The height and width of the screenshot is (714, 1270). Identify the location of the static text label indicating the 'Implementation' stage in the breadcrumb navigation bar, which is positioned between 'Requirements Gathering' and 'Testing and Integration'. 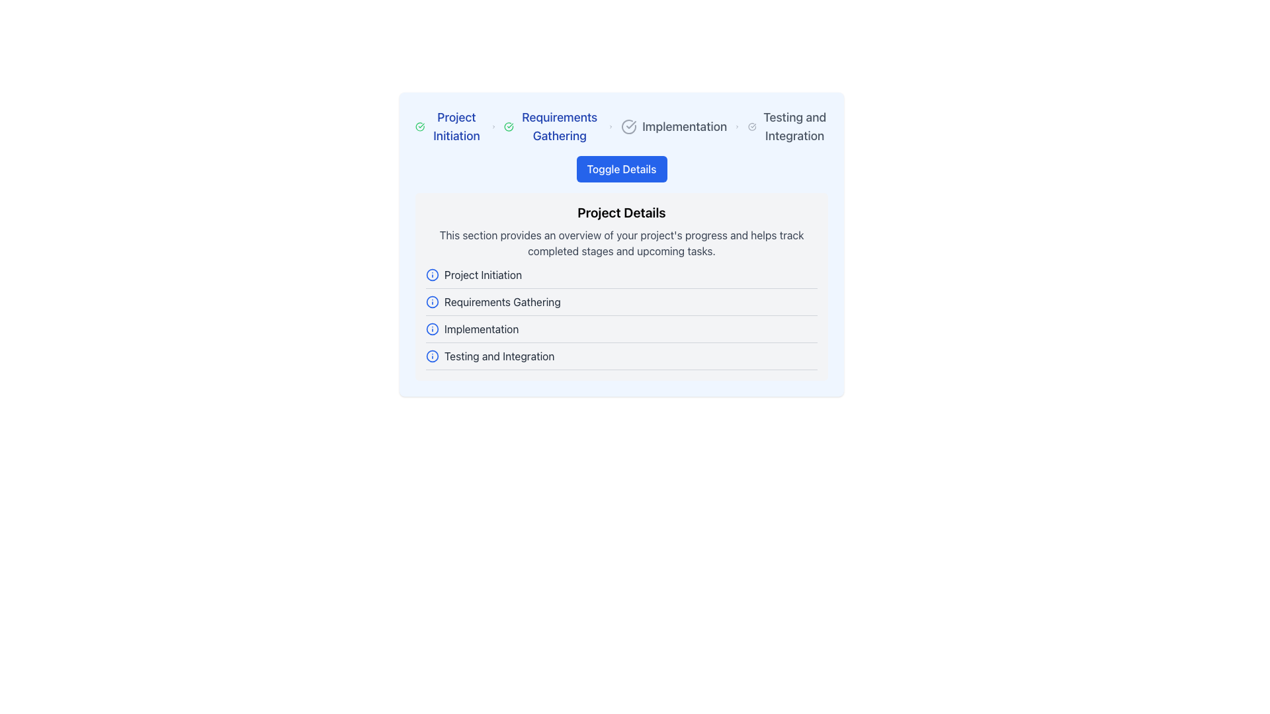
(685, 127).